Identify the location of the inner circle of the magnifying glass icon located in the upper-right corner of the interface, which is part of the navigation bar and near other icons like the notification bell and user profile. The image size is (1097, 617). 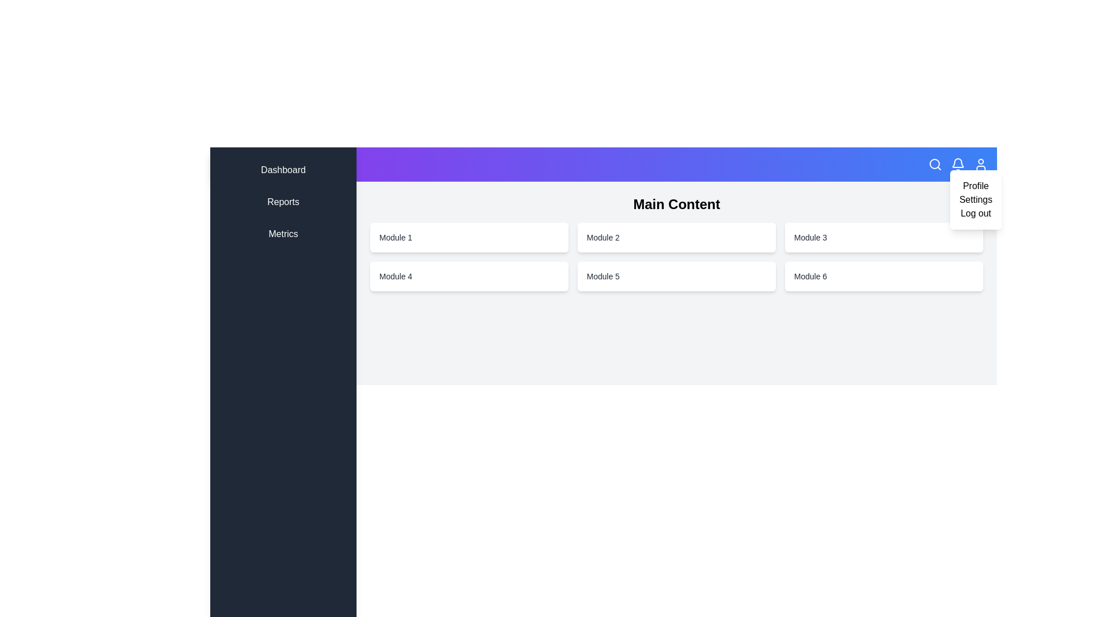
(935, 163).